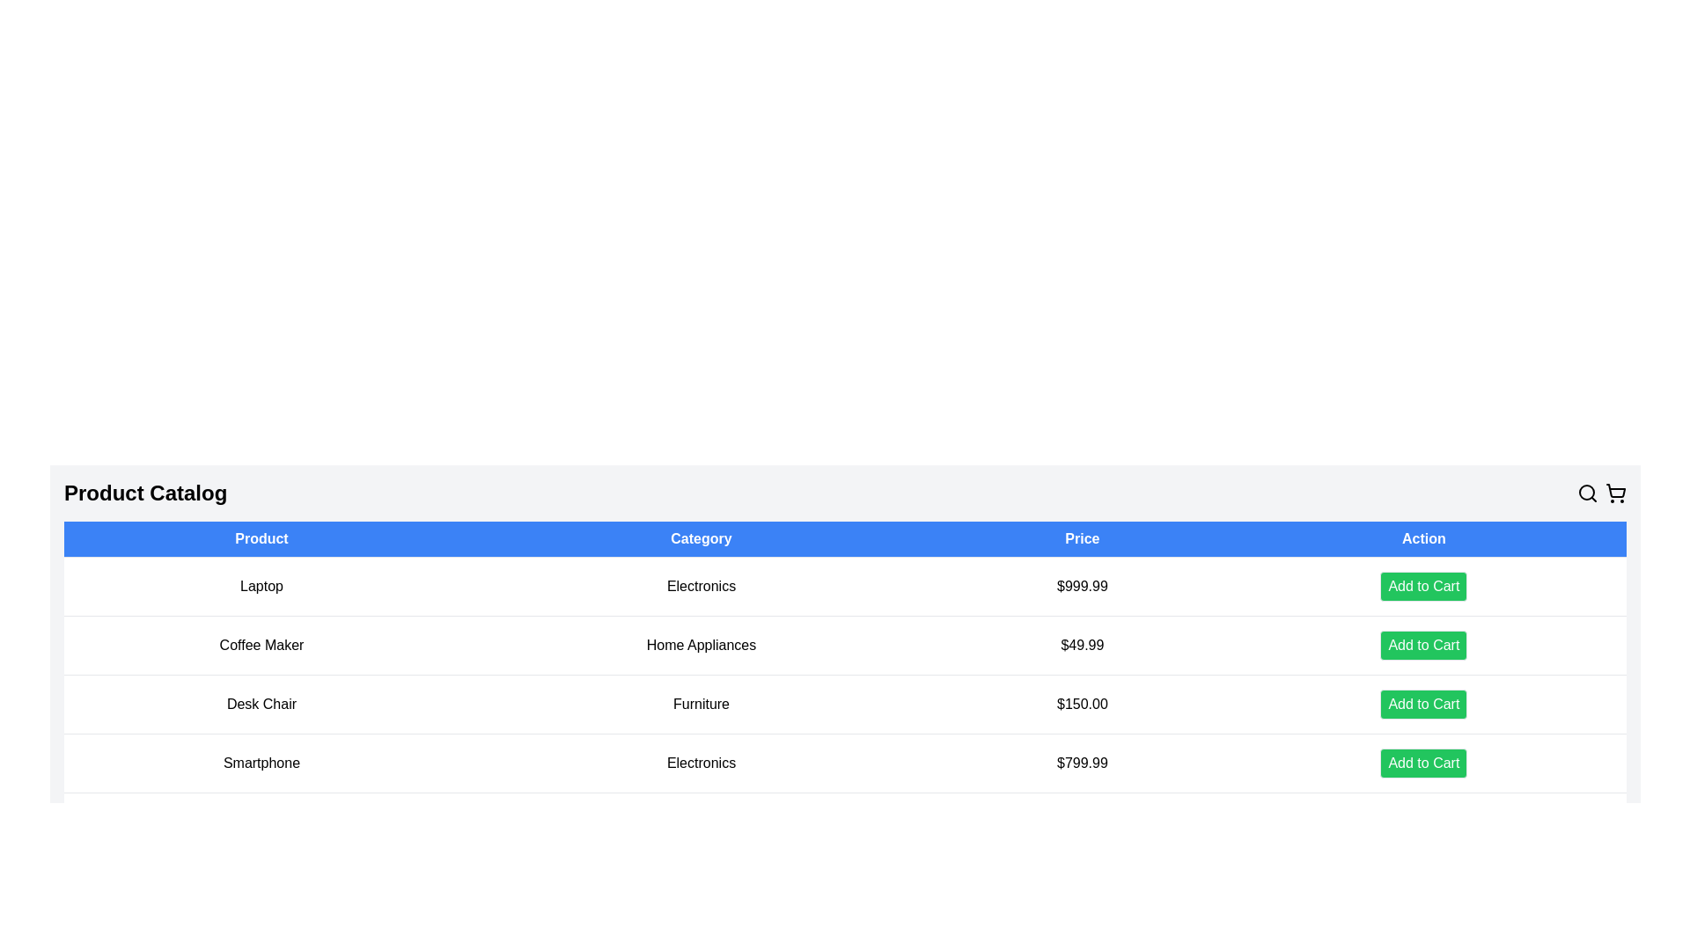 This screenshot has width=1690, height=950. What do you see at coordinates (1601, 493) in the screenshot?
I see `the shopping cart icon, which is part of a group of two icons (search and shopping cart) located in the top right corner of the interface, adjacent to the title 'Product Catalog'` at bounding box center [1601, 493].